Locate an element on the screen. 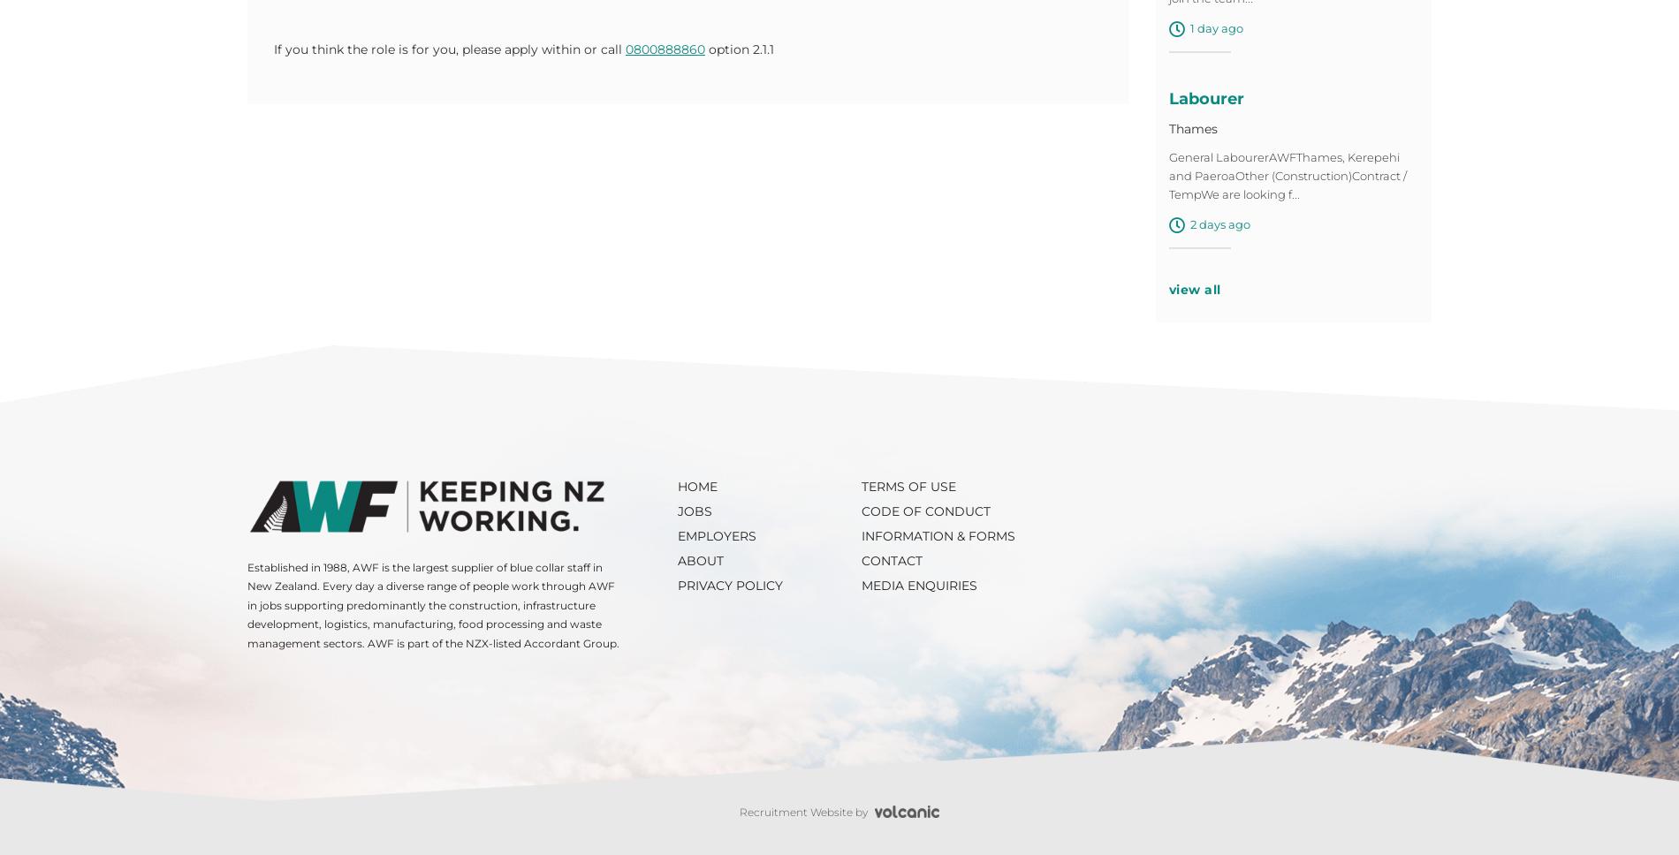 Image resolution: width=1679 pixels, height=855 pixels. 'Established in 1988, AWF is the largest supplier of blue collar staff in New Zealand. Every day a diverse range of people work through AWF in jobs supporting predominantly the construction, infrastructure development, logistics, manufacturing, food processing and waste management sectors. AWF is part of the NZX-listed Accordant Group.' is located at coordinates (247, 609).